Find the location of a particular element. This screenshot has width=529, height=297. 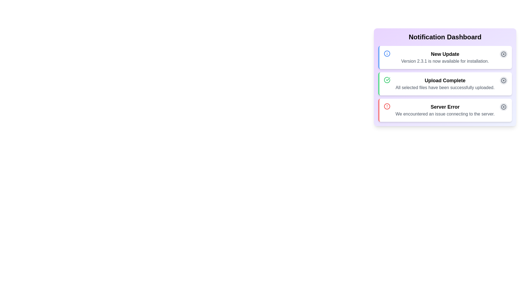

on the text label that serves as the title for the notification, positioned at the top of the notification dashboard layout is located at coordinates (445, 54).